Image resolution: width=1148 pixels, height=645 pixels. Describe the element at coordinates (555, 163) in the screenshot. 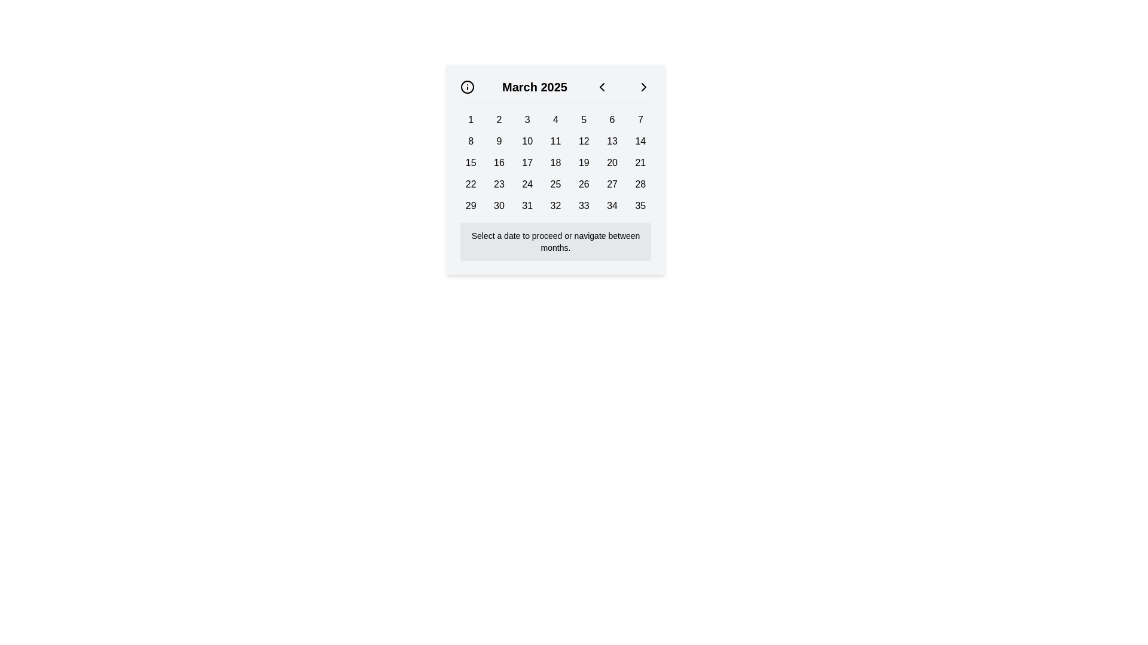

I see `the date cell button displaying the number '18' in the calendar grid` at that location.